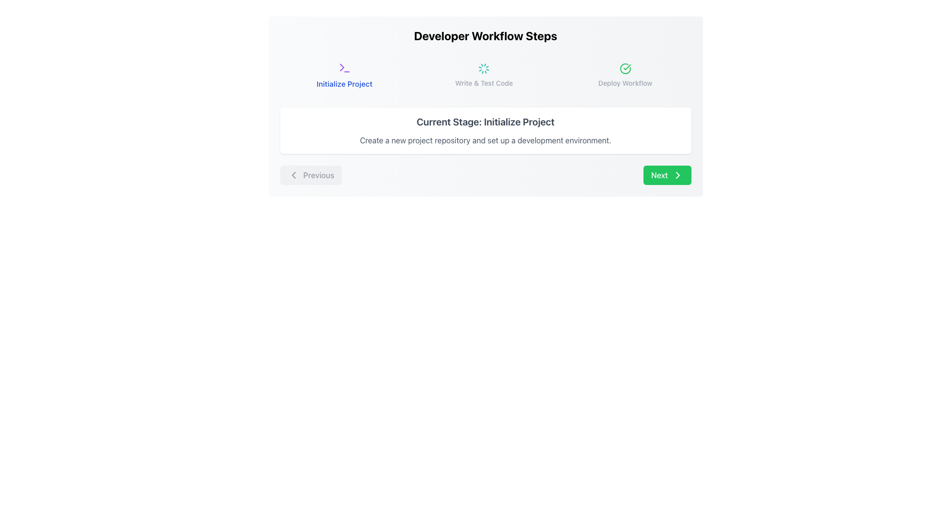  Describe the element at coordinates (344, 83) in the screenshot. I see `the Text Label indicating the current step in the workflow process, located under the 'Developer Workflow Steps' heading in the upper-left section of the application` at that location.